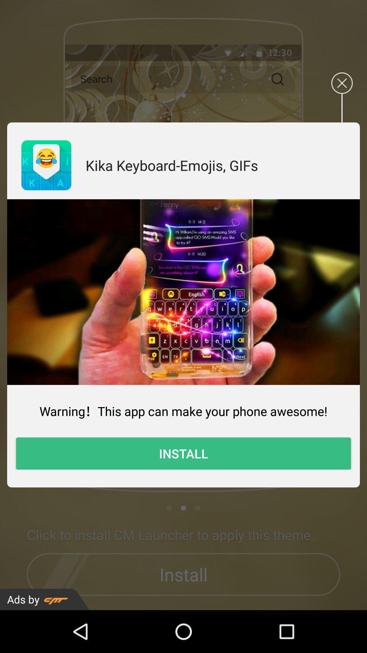 The image size is (367, 653). I want to click on the emoji icon, so click(46, 177).